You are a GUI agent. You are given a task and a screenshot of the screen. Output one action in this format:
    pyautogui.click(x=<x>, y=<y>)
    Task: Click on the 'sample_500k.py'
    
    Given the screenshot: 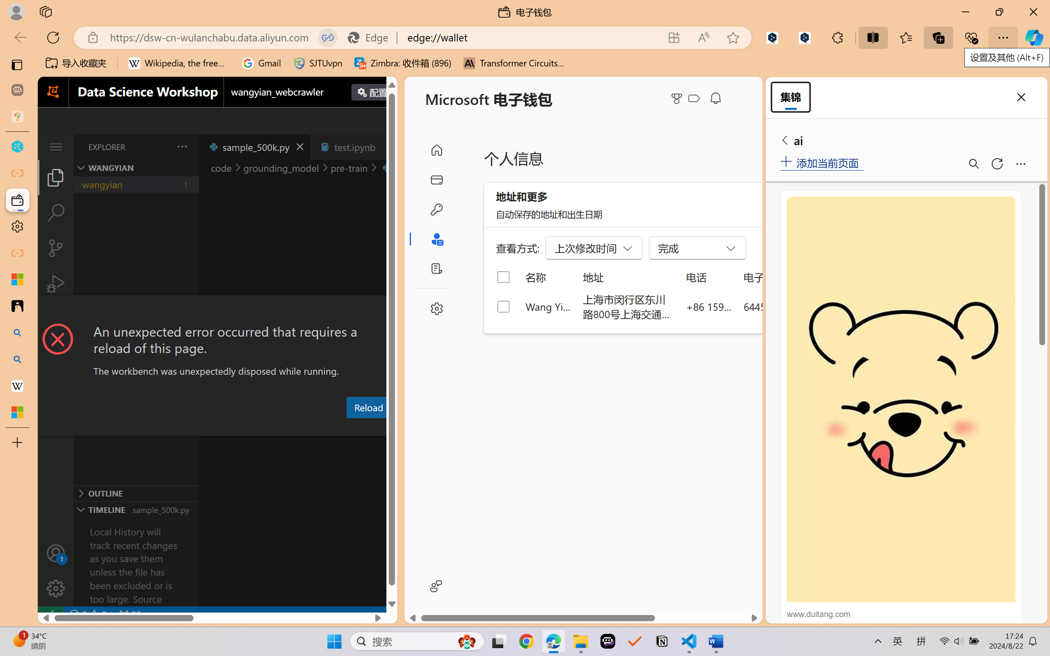 What is the action you would take?
    pyautogui.click(x=254, y=146)
    